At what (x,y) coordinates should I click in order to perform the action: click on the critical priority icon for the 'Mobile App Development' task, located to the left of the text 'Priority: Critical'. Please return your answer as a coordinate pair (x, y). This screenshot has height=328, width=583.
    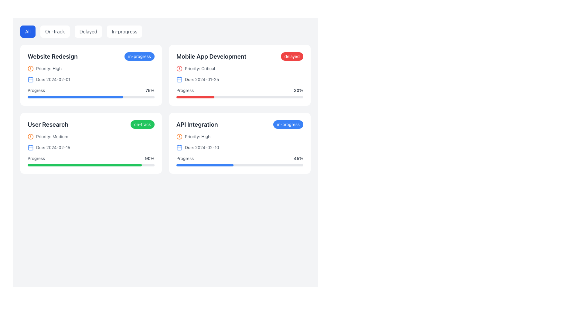
    Looking at the image, I should click on (179, 68).